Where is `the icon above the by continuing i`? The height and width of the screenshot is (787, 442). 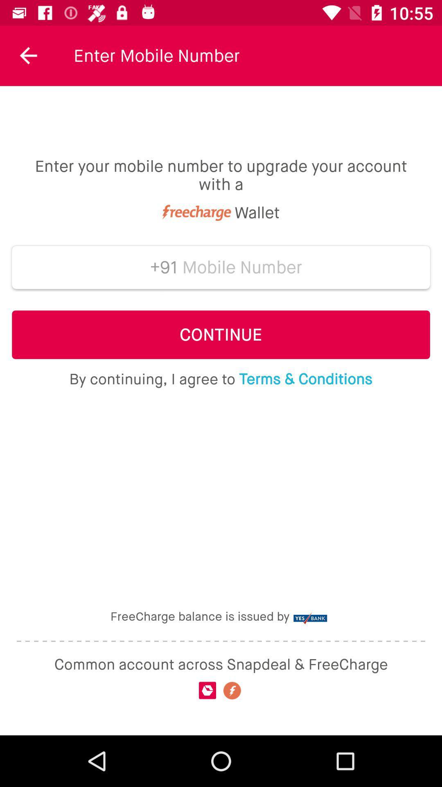
the icon above the by continuing i is located at coordinates (221, 334).